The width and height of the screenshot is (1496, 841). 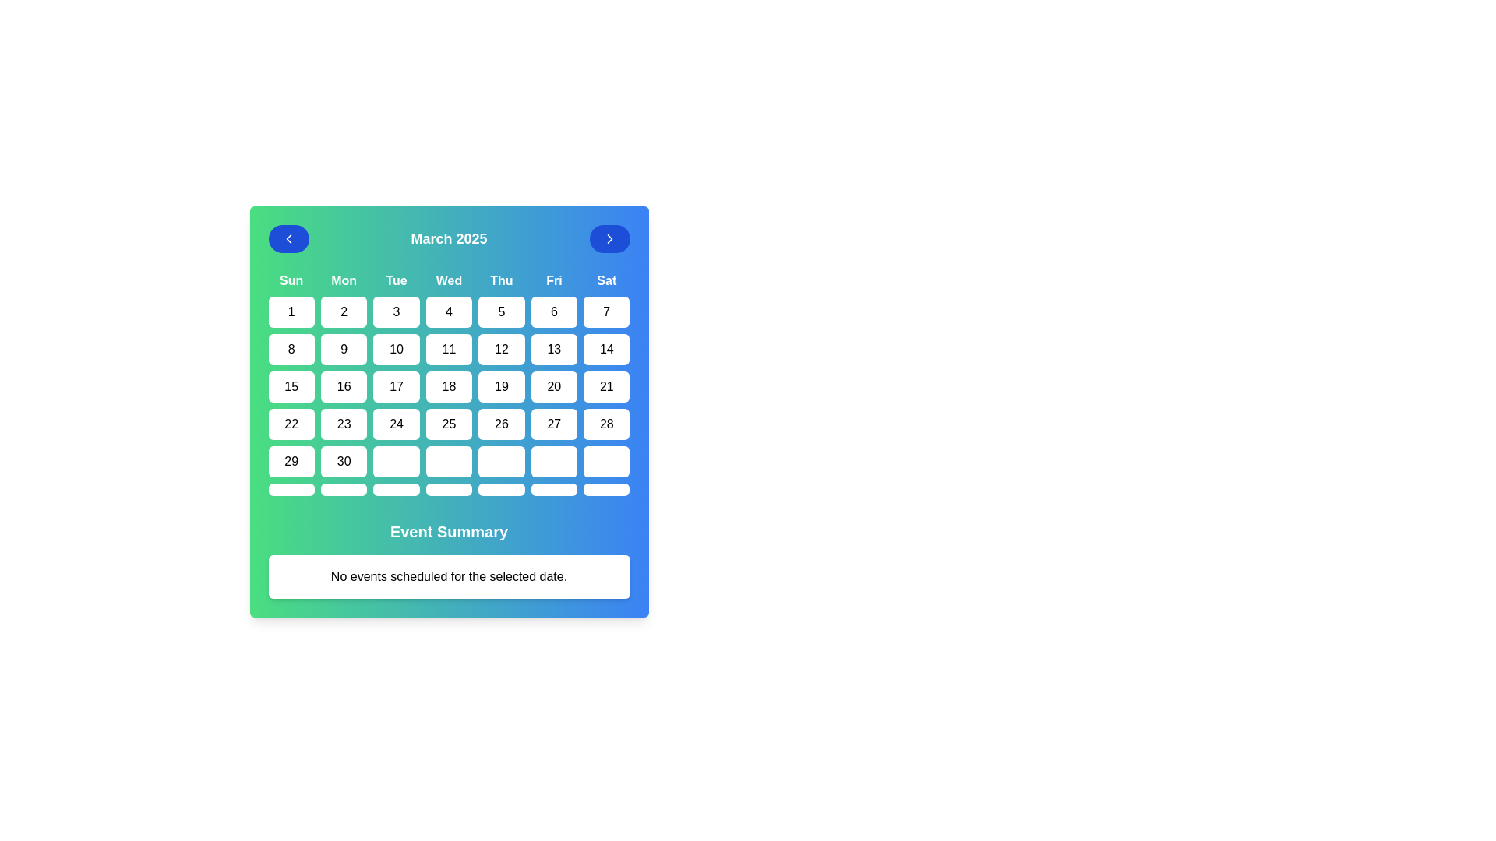 What do you see at coordinates (448, 312) in the screenshot?
I see `the button representing the date '4' in the calendar for March 2025, located in the first row and fourth column under 'Wed'` at bounding box center [448, 312].